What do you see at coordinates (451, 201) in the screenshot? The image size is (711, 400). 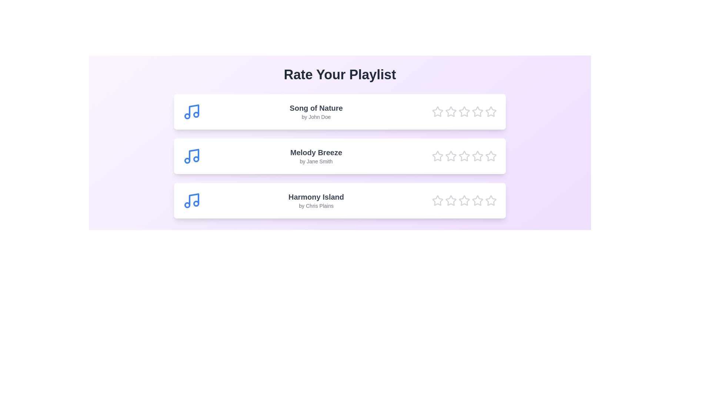 I see `the star corresponding to 2 for the song Harmony Island` at bounding box center [451, 201].